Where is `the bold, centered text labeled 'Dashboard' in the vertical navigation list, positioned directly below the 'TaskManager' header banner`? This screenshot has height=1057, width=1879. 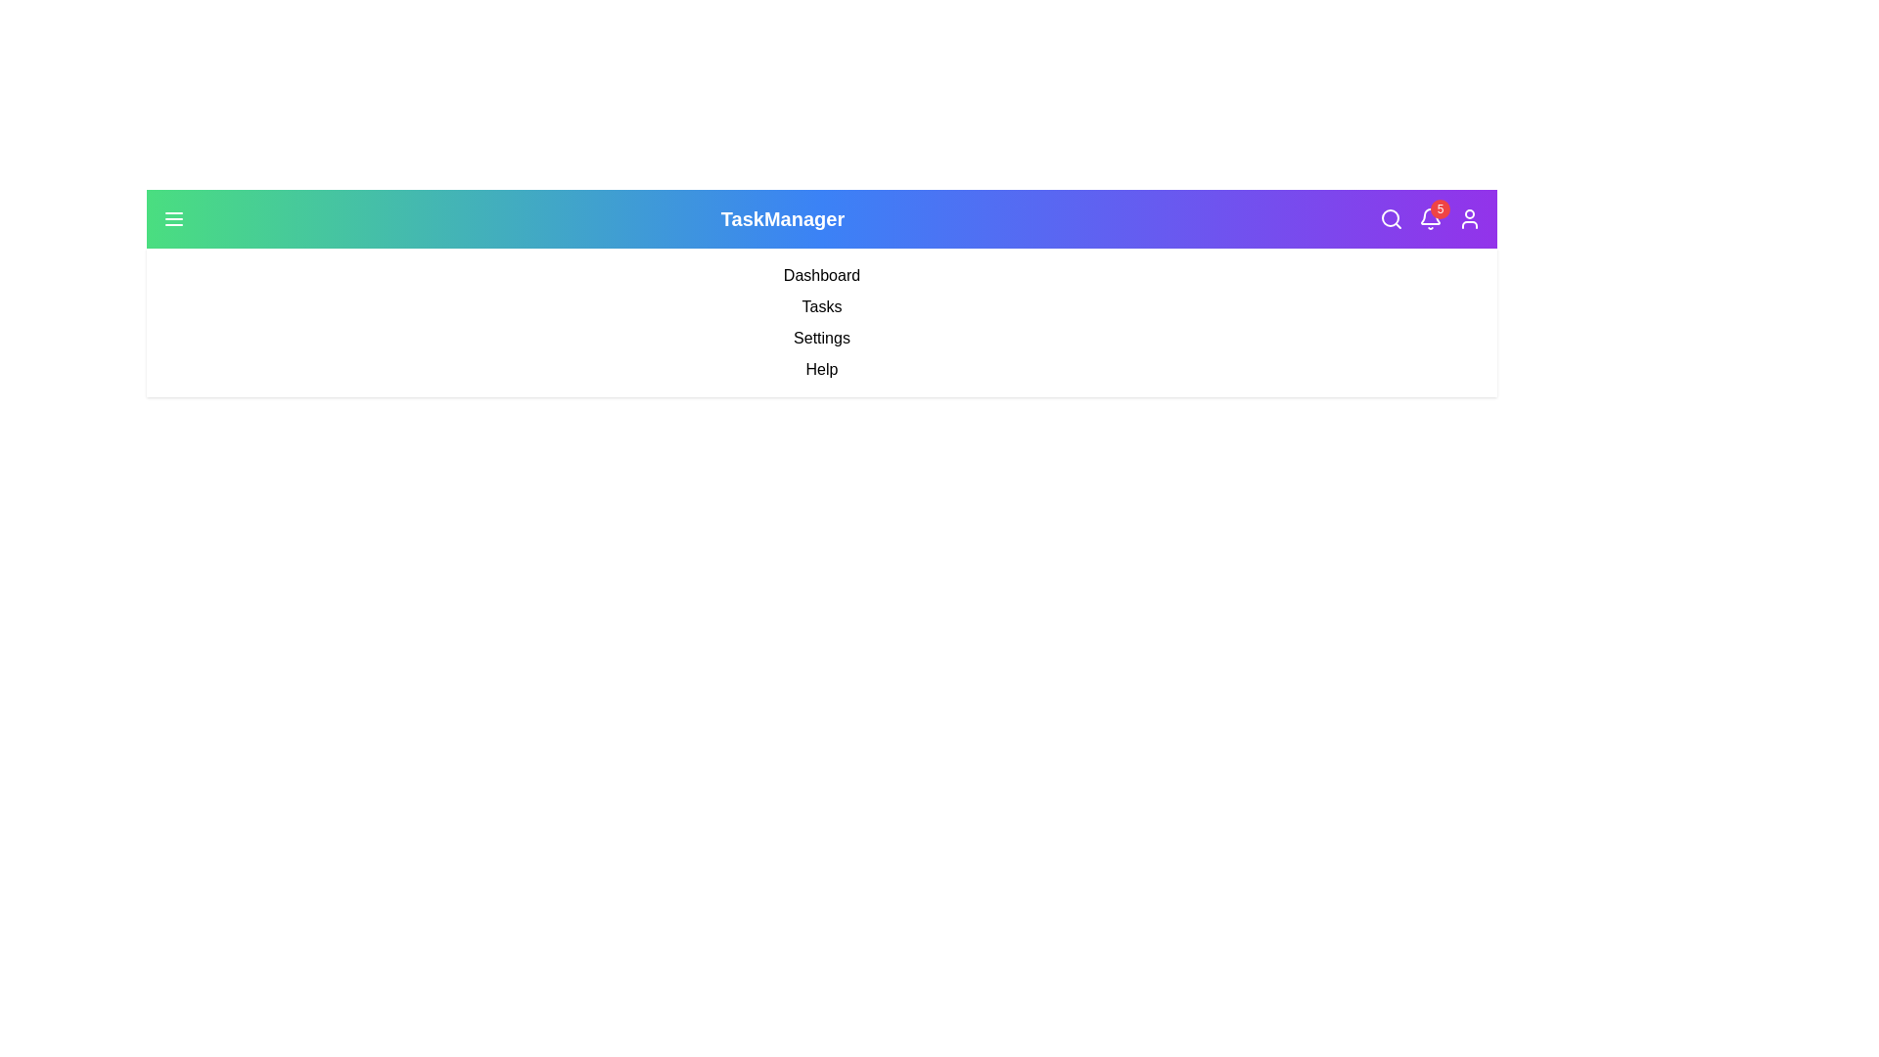 the bold, centered text labeled 'Dashboard' in the vertical navigation list, positioned directly below the 'TaskManager' header banner is located at coordinates (822, 275).